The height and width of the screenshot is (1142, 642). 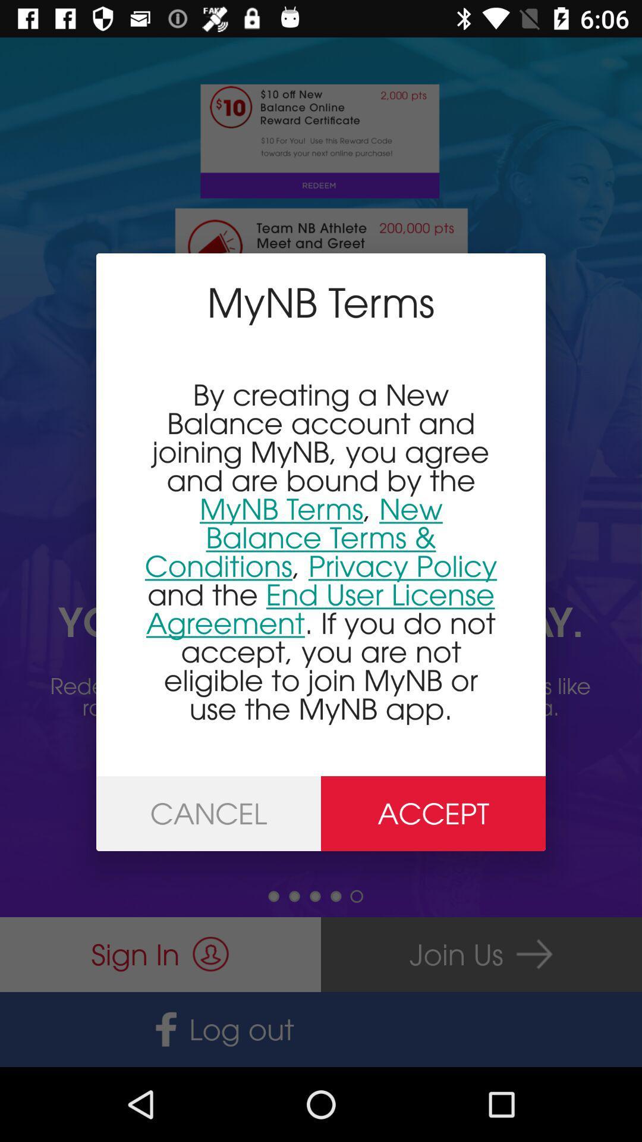 I want to click on the cancel, so click(x=208, y=813).